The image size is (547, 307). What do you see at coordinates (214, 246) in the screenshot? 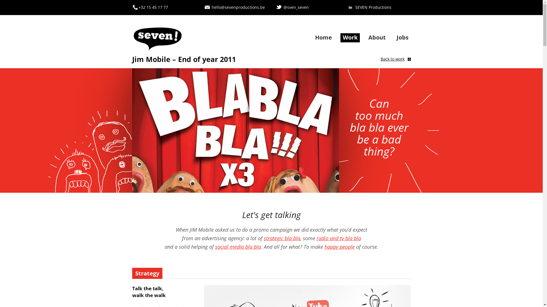
I see `'social media bla bla'` at bounding box center [214, 246].